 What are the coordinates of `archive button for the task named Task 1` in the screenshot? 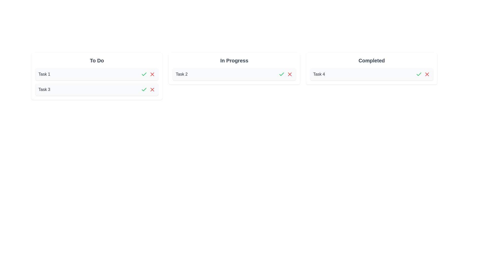 It's located at (152, 74).